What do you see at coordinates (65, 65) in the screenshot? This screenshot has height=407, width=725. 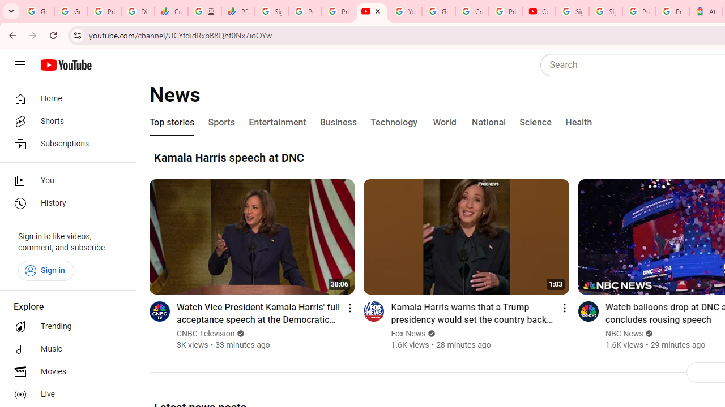 I see `'YouTube Home'` at bounding box center [65, 65].